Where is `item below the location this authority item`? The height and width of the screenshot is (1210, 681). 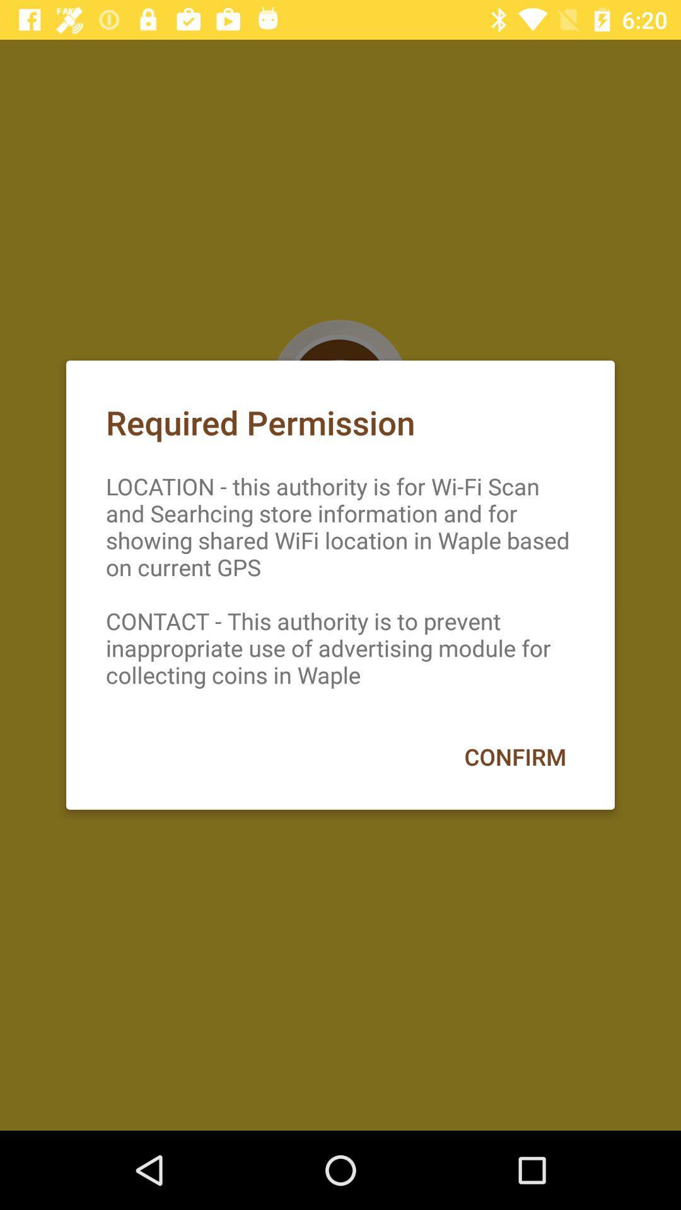
item below the location this authority item is located at coordinates (515, 756).